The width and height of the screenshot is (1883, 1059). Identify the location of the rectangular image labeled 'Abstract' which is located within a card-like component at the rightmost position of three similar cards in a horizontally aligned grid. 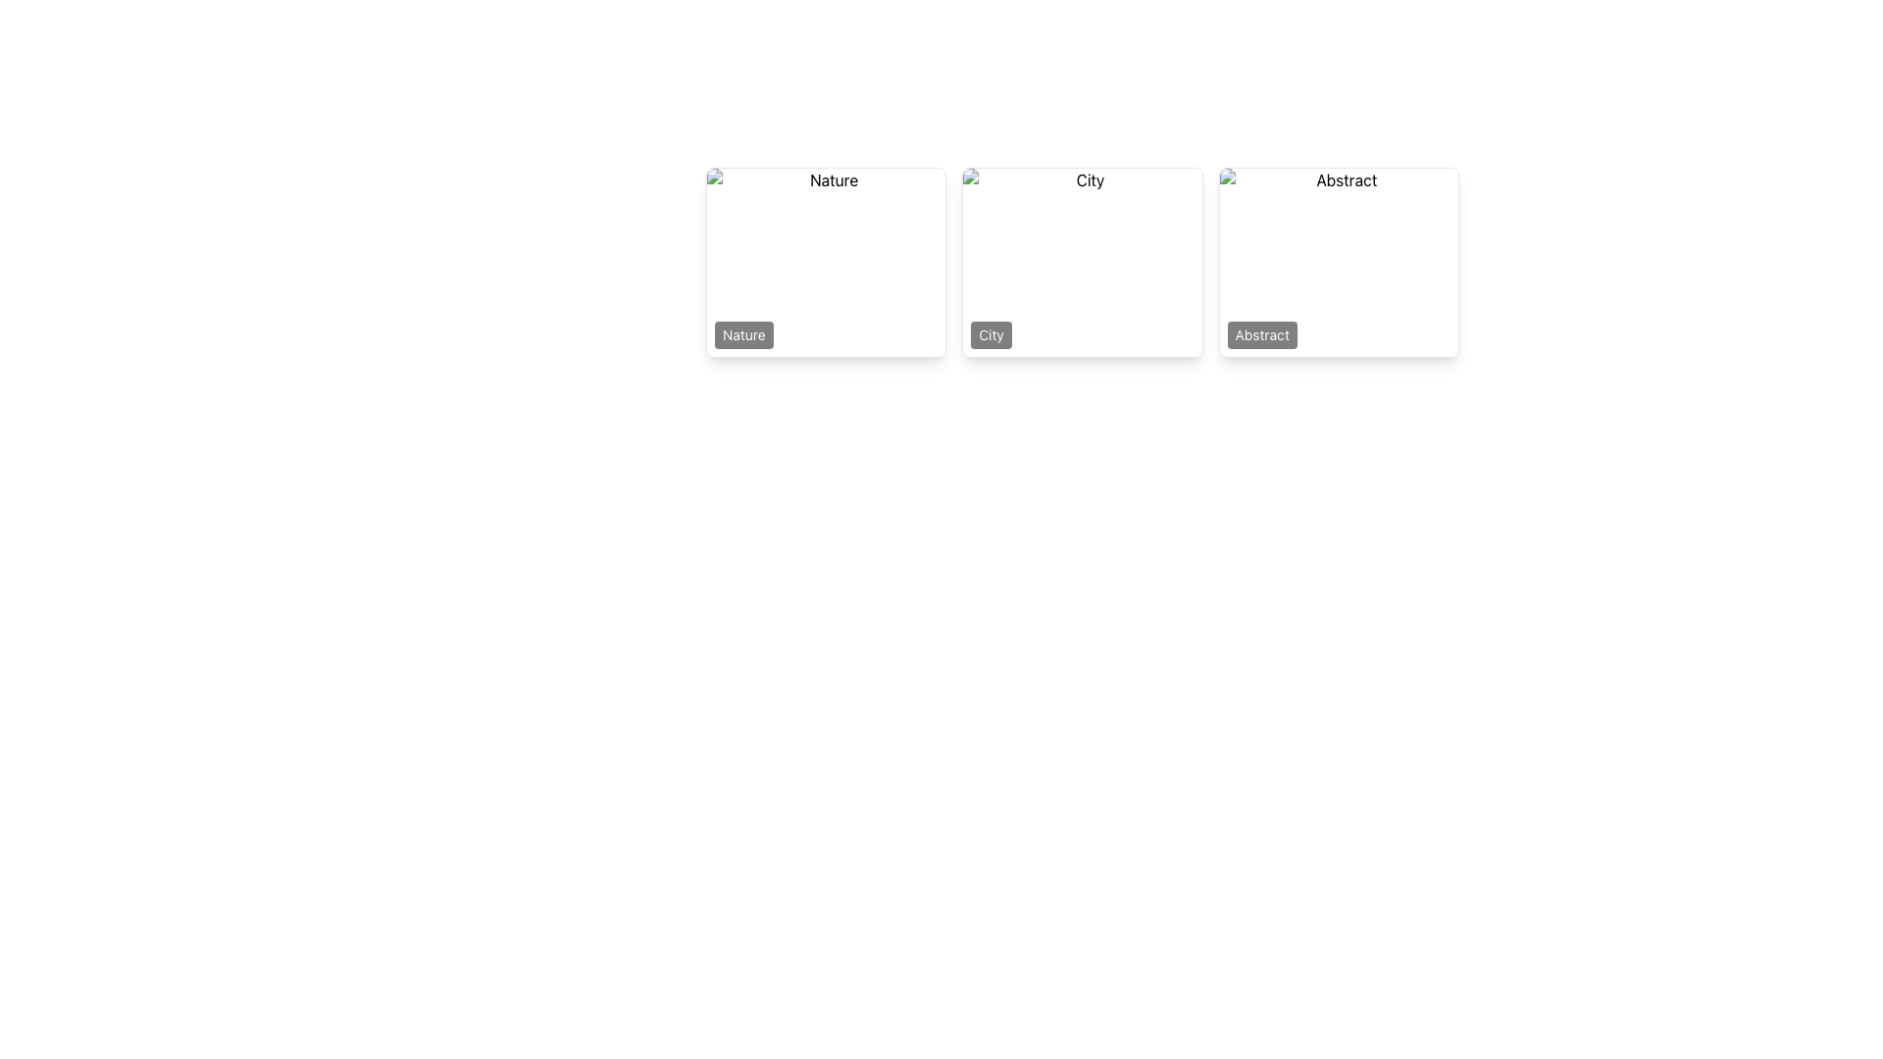
(1338, 261).